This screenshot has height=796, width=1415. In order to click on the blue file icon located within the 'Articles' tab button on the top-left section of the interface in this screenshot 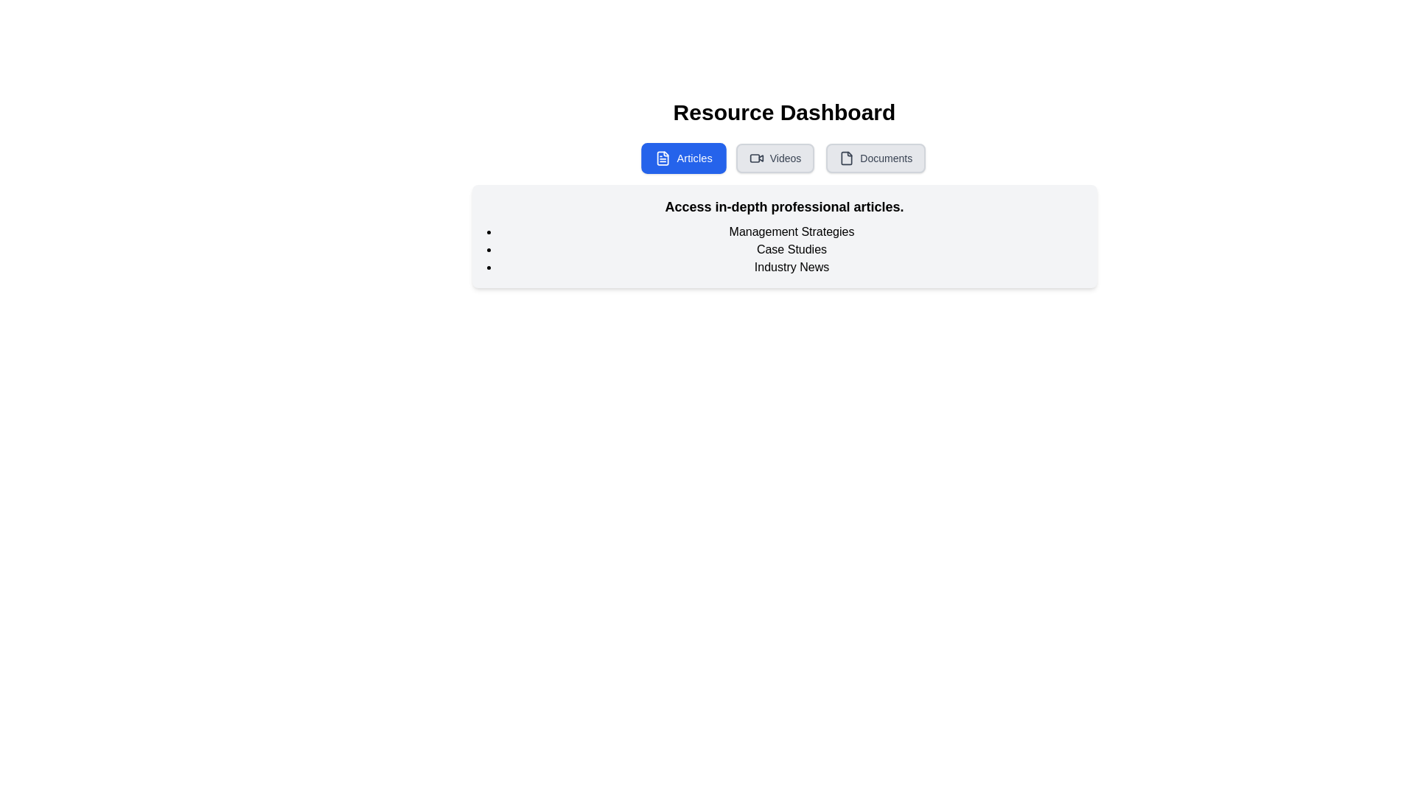, I will do `click(662, 158)`.